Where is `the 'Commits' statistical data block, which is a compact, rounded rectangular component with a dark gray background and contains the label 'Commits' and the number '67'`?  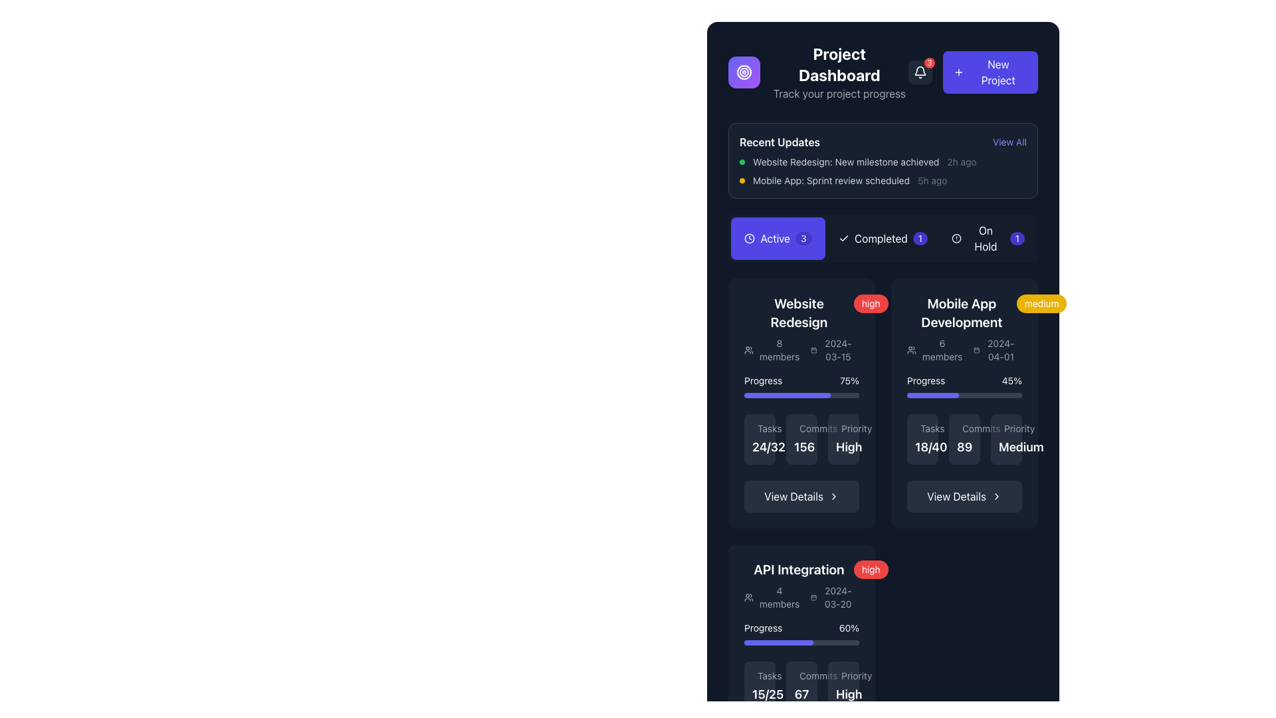 the 'Commits' statistical data block, which is a compact, rounded rectangular component with a dark gray background and contains the label 'Commits' and the number '67' is located at coordinates (801, 687).